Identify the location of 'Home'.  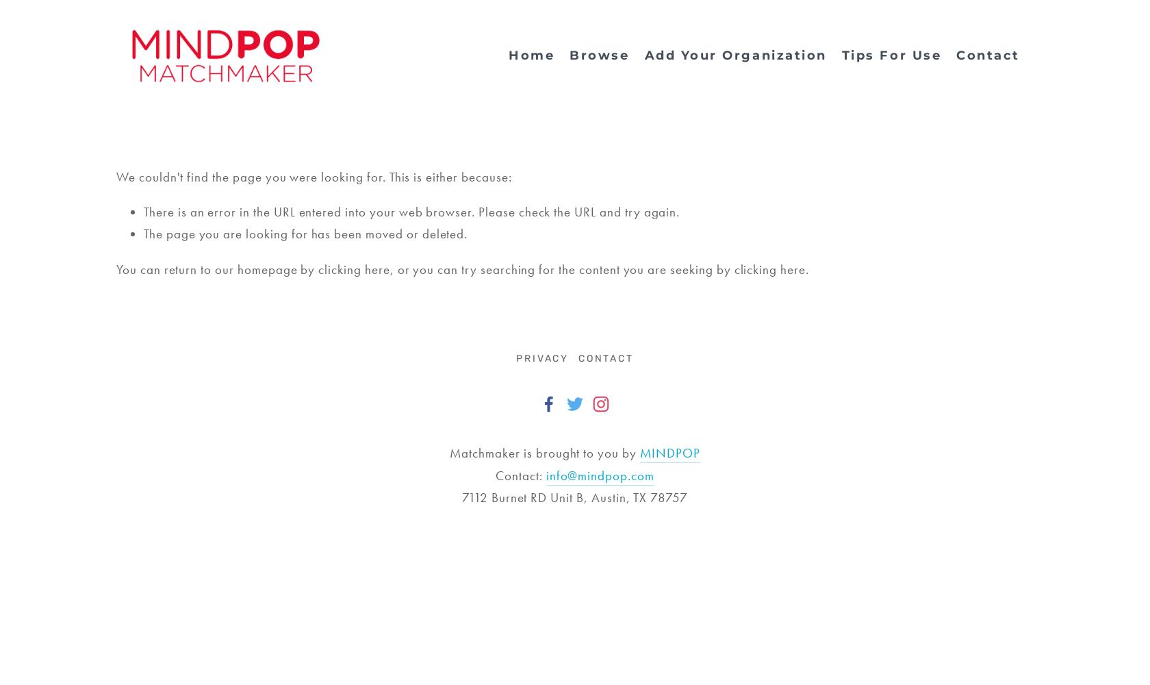
(531, 55).